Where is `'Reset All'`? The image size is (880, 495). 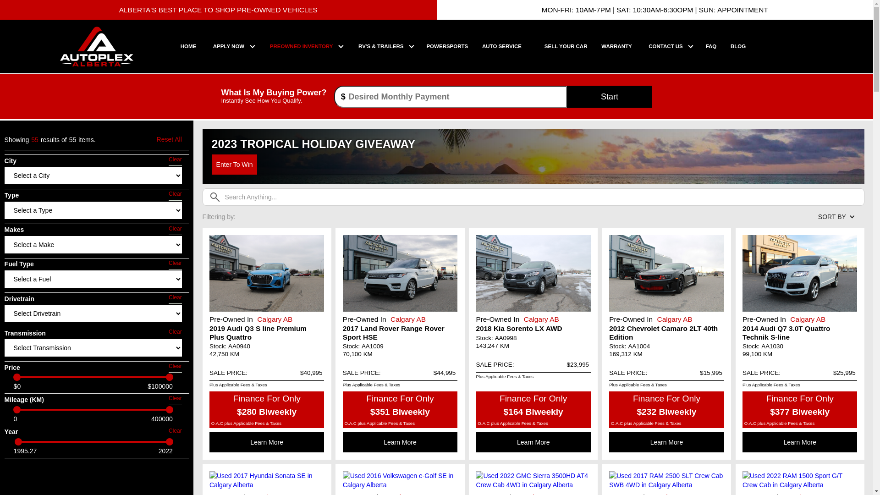
'Reset All' is located at coordinates (169, 140).